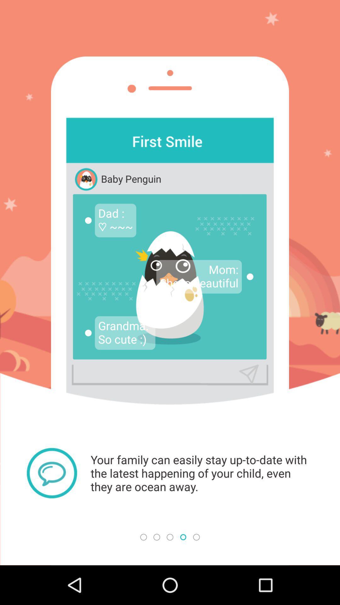 This screenshot has height=605, width=340. Describe the element at coordinates (250, 277) in the screenshot. I see `the dot shown next to the text field mom` at that location.